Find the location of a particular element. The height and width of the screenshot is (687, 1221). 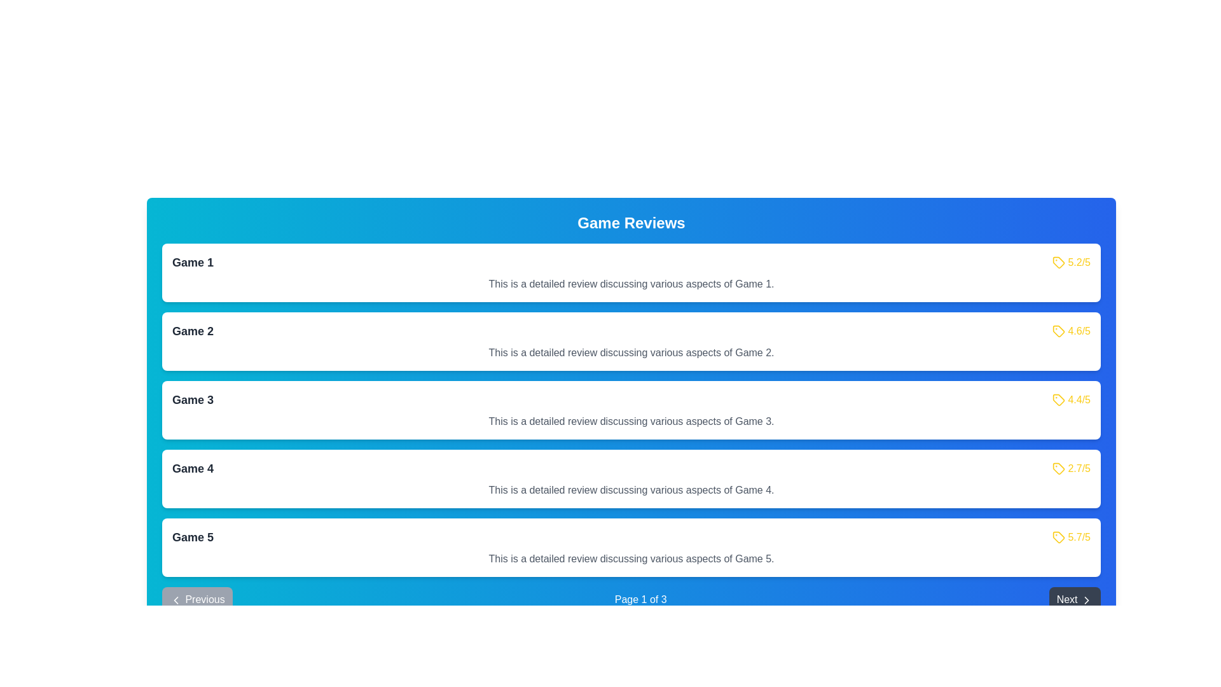

the decorative icon that accompanies the numeric rating '2.7/5' located at the far-right of the fourth review item in the vertical list of reviews is located at coordinates (1059, 468).